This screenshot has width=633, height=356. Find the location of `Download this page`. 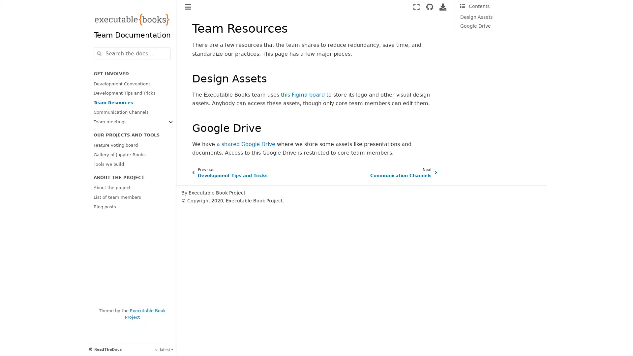

Download this page is located at coordinates (443, 7).